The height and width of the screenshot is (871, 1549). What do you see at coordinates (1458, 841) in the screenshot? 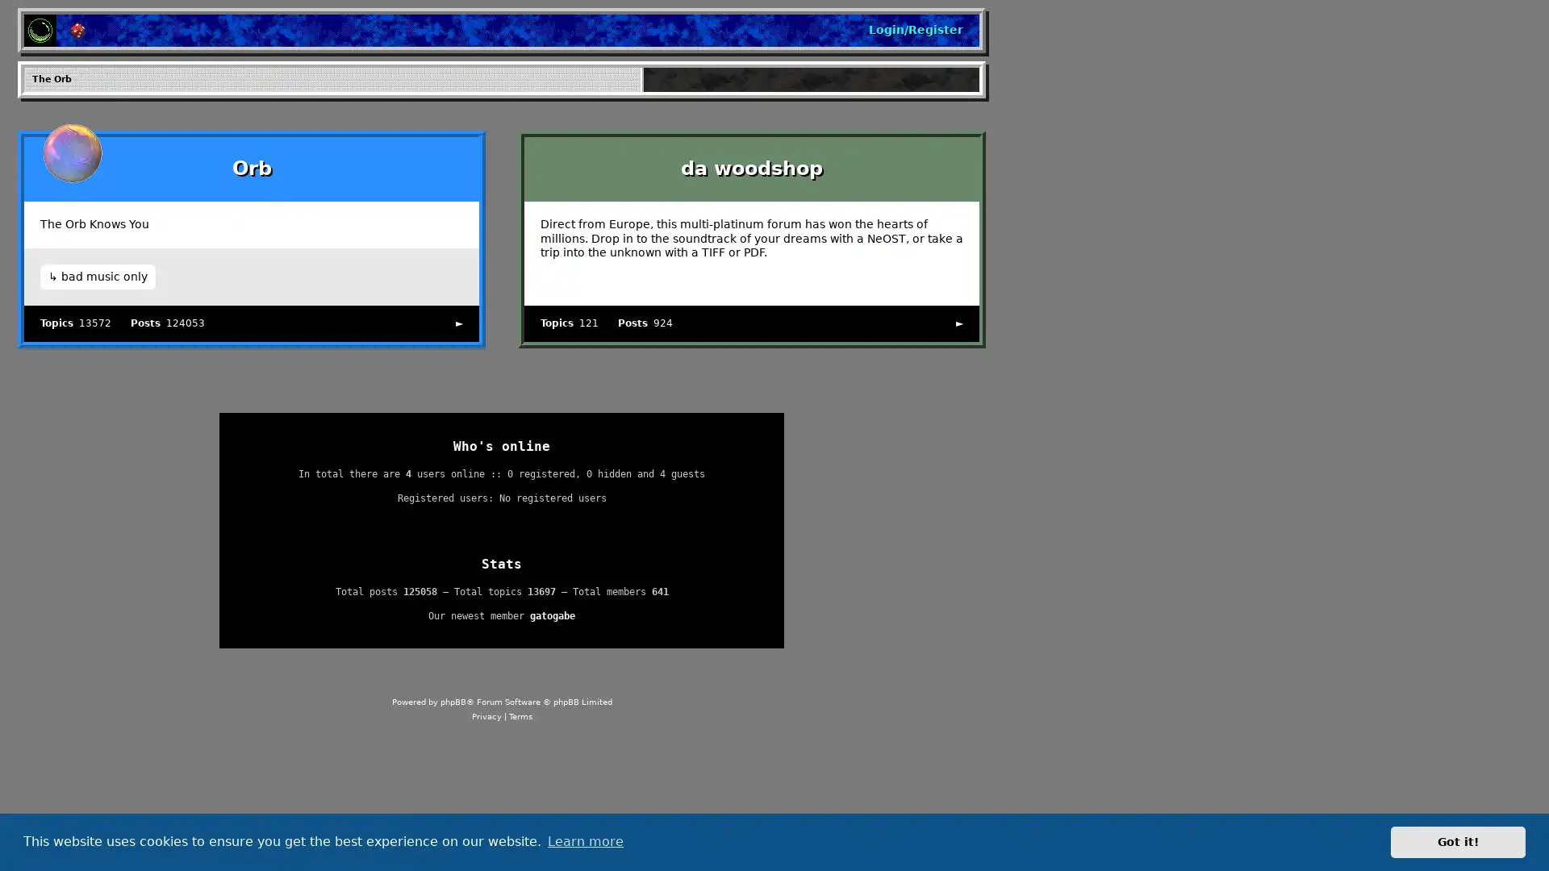
I see `dismiss cookie message` at bounding box center [1458, 841].